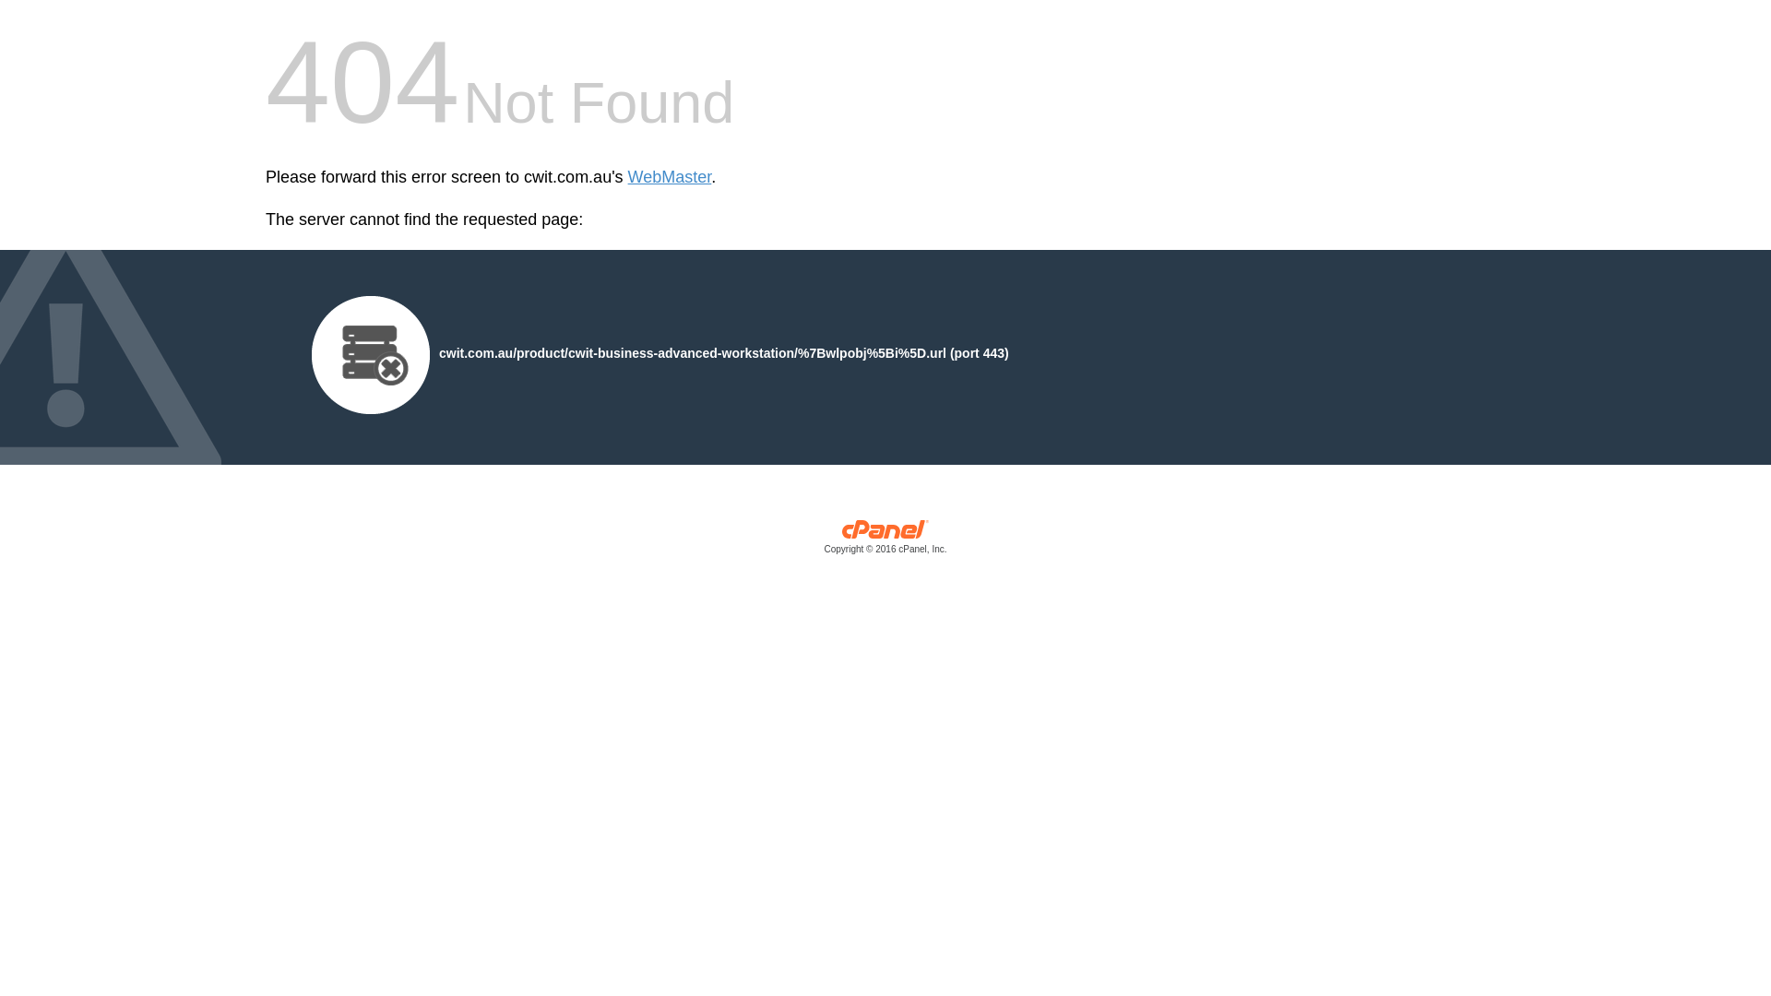 The width and height of the screenshot is (1771, 996). What do you see at coordinates (669, 177) in the screenshot?
I see `'WebMaster'` at bounding box center [669, 177].